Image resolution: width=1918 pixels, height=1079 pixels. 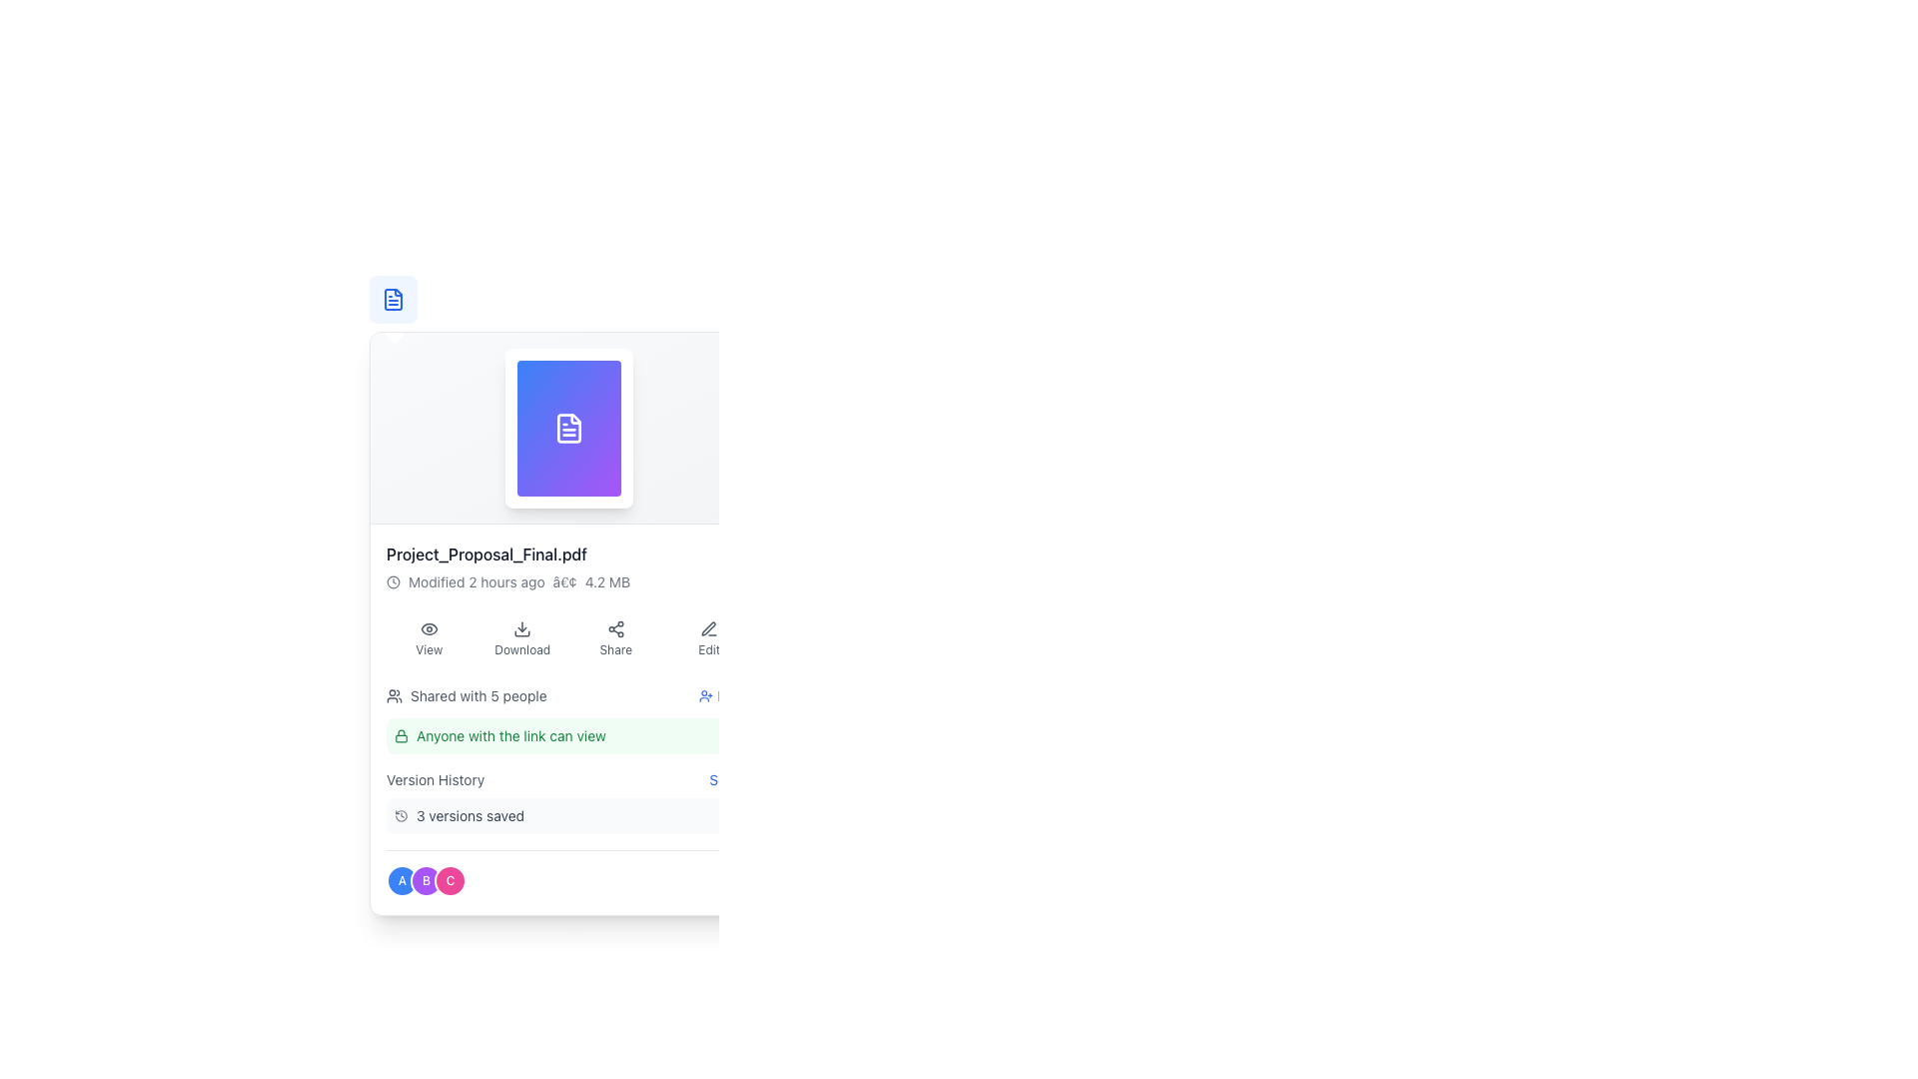 I want to click on the Text label that indicates the sharing status of the associated item, located to the right of an icon representing a group of people, so click(x=478, y=695).